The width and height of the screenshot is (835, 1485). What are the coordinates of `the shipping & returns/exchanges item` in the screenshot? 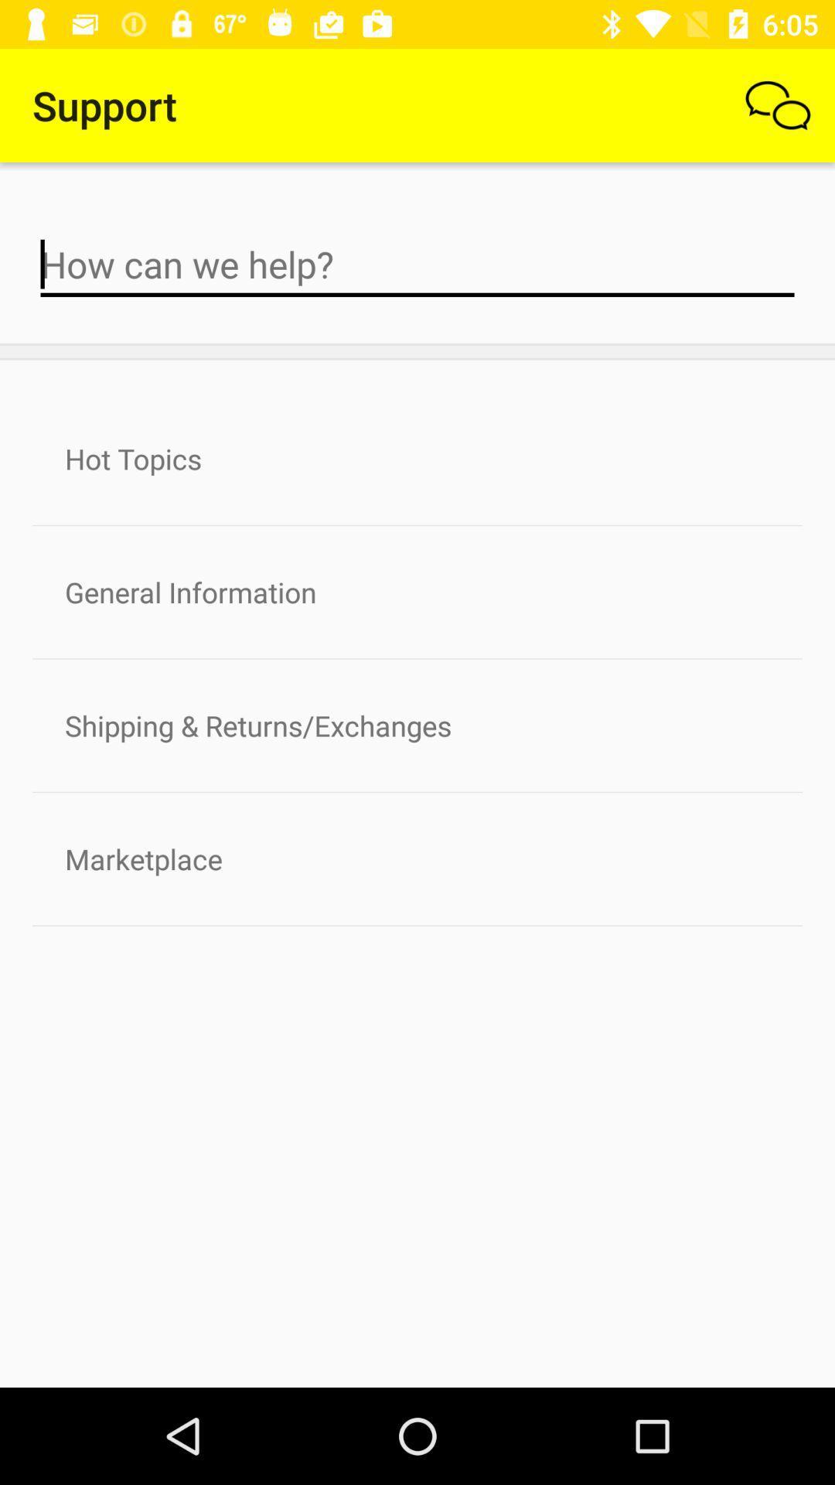 It's located at (417, 725).